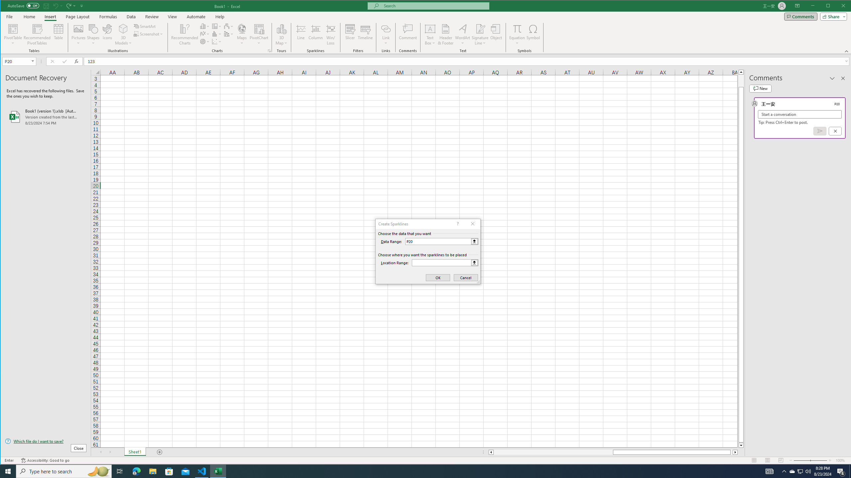 The height and width of the screenshot is (478, 851). I want to click on 'Recommended PivotTables', so click(37, 34).